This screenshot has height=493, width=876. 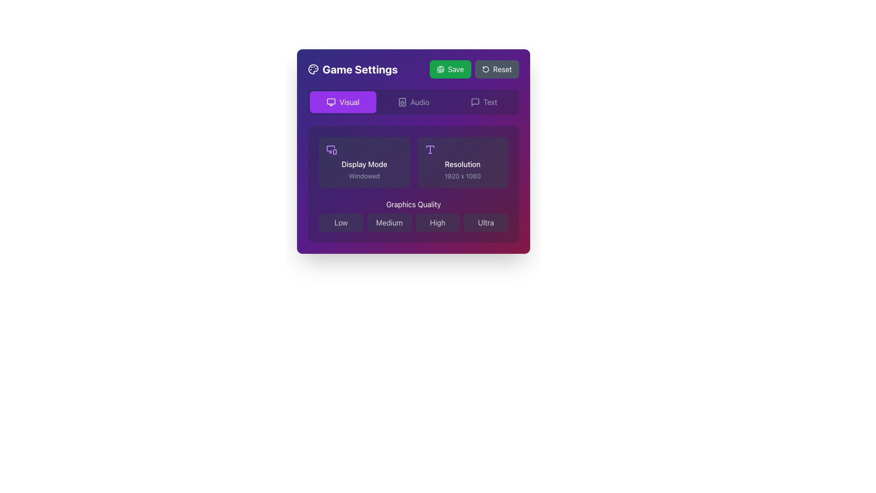 I want to click on the 'Ultra' button, which is the fourth button in a horizontal row within the 'Graphics Quality' section of the settings panel, so click(x=485, y=223).